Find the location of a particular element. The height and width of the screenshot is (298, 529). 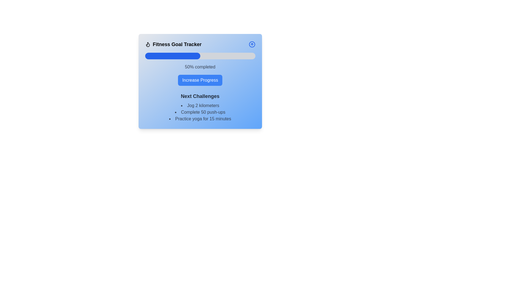

the circular icon with an upward-pointing arrow inside, located in the top-right corner of the 'Fitness Goal Tracker' section is located at coordinates (252, 44).